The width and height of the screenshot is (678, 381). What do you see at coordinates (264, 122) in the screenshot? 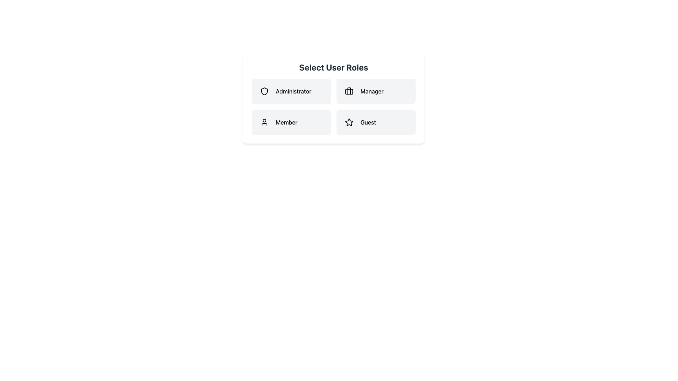
I see `the circular icon button representing the 'Member' user role located on the left side of the 'Member' label text within the 'Select User Roles' page` at bounding box center [264, 122].